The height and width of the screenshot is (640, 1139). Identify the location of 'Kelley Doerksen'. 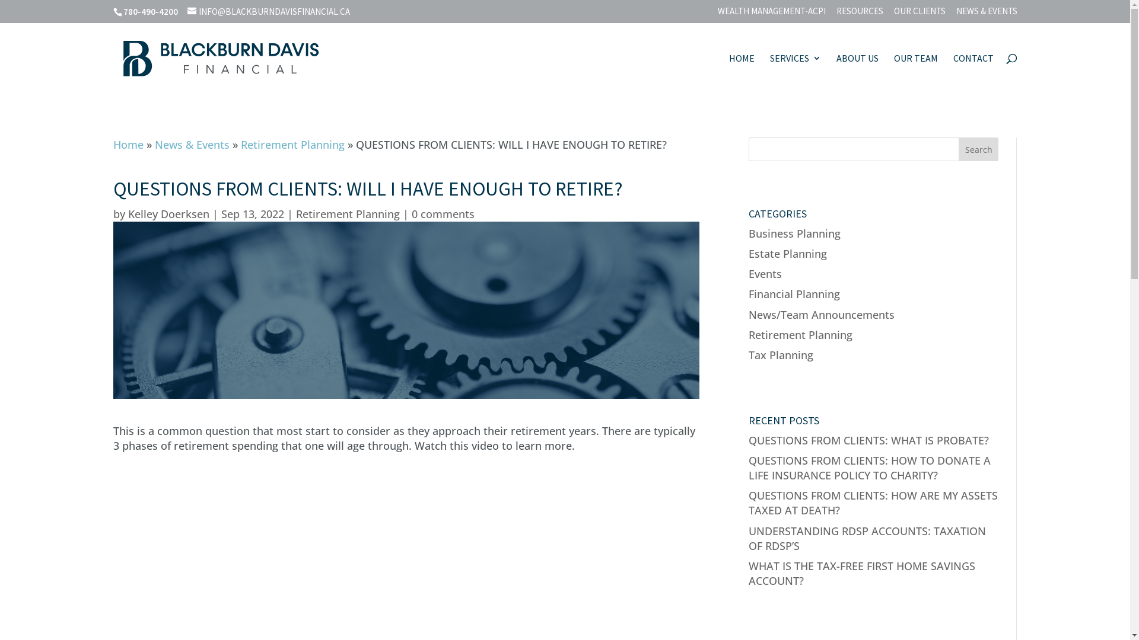
(168, 214).